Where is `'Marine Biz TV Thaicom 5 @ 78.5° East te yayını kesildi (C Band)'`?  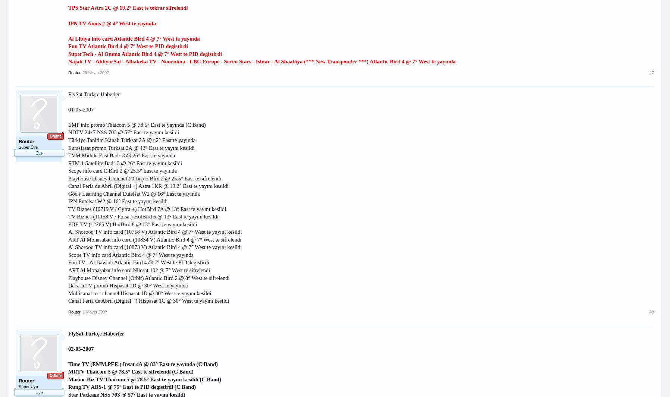
'Marine Biz TV Thaicom 5 @ 78.5° East te yayını kesildi (C Band)' is located at coordinates (144, 379).